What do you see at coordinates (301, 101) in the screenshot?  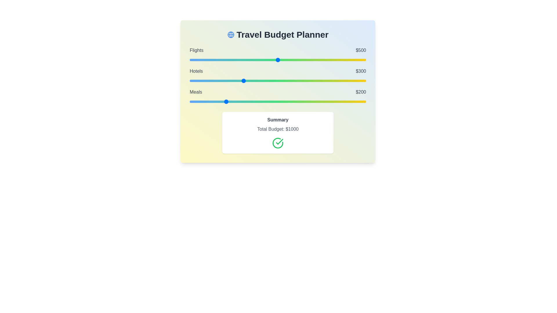 I see `the 'Meals' slider to 633 within the range 0 to 1000` at bounding box center [301, 101].